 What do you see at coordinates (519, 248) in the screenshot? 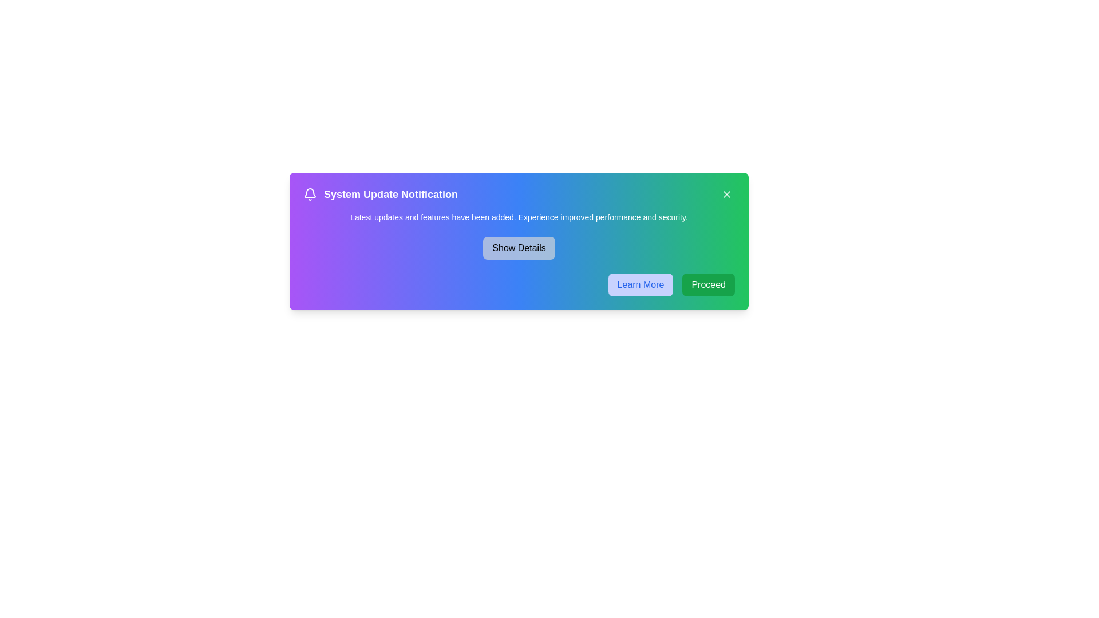
I see `the 'Show Details' button, which is a rounded rectangle with a semi-transparent gray background and centered black text, to trigger the color change effect` at bounding box center [519, 248].